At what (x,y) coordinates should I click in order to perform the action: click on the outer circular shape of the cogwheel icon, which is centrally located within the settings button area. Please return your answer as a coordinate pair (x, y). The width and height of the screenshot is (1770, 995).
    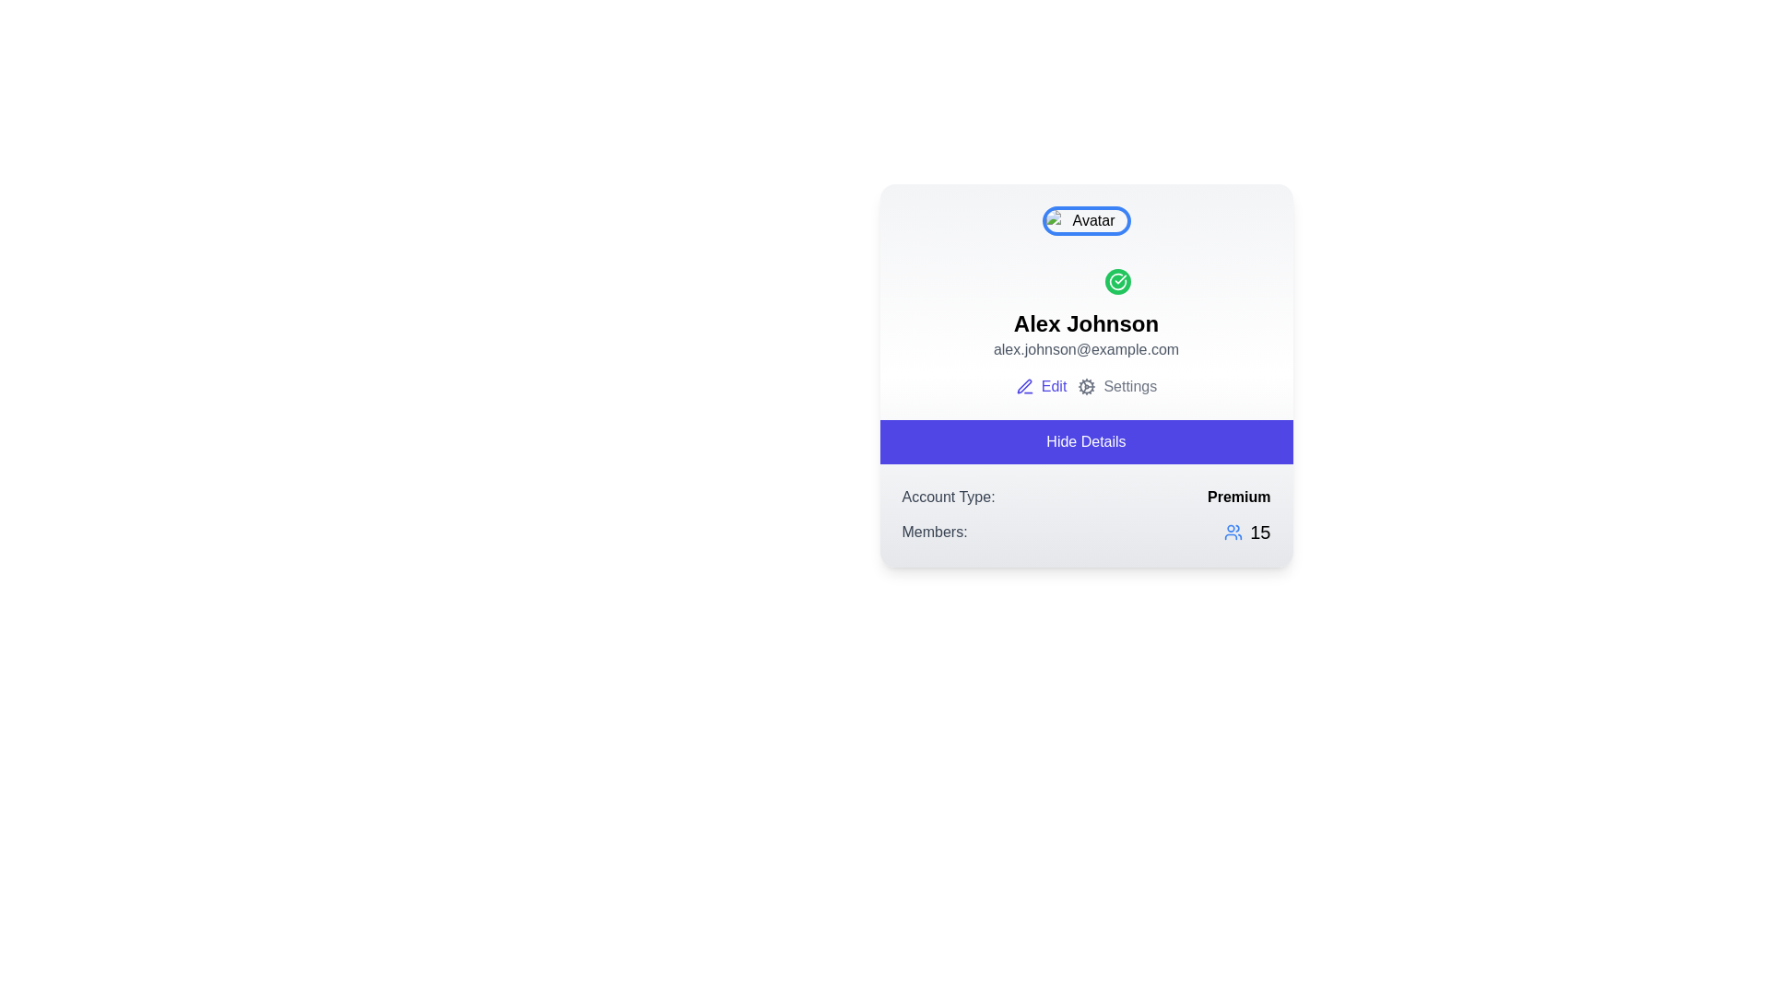
    Looking at the image, I should click on (1087, 386).